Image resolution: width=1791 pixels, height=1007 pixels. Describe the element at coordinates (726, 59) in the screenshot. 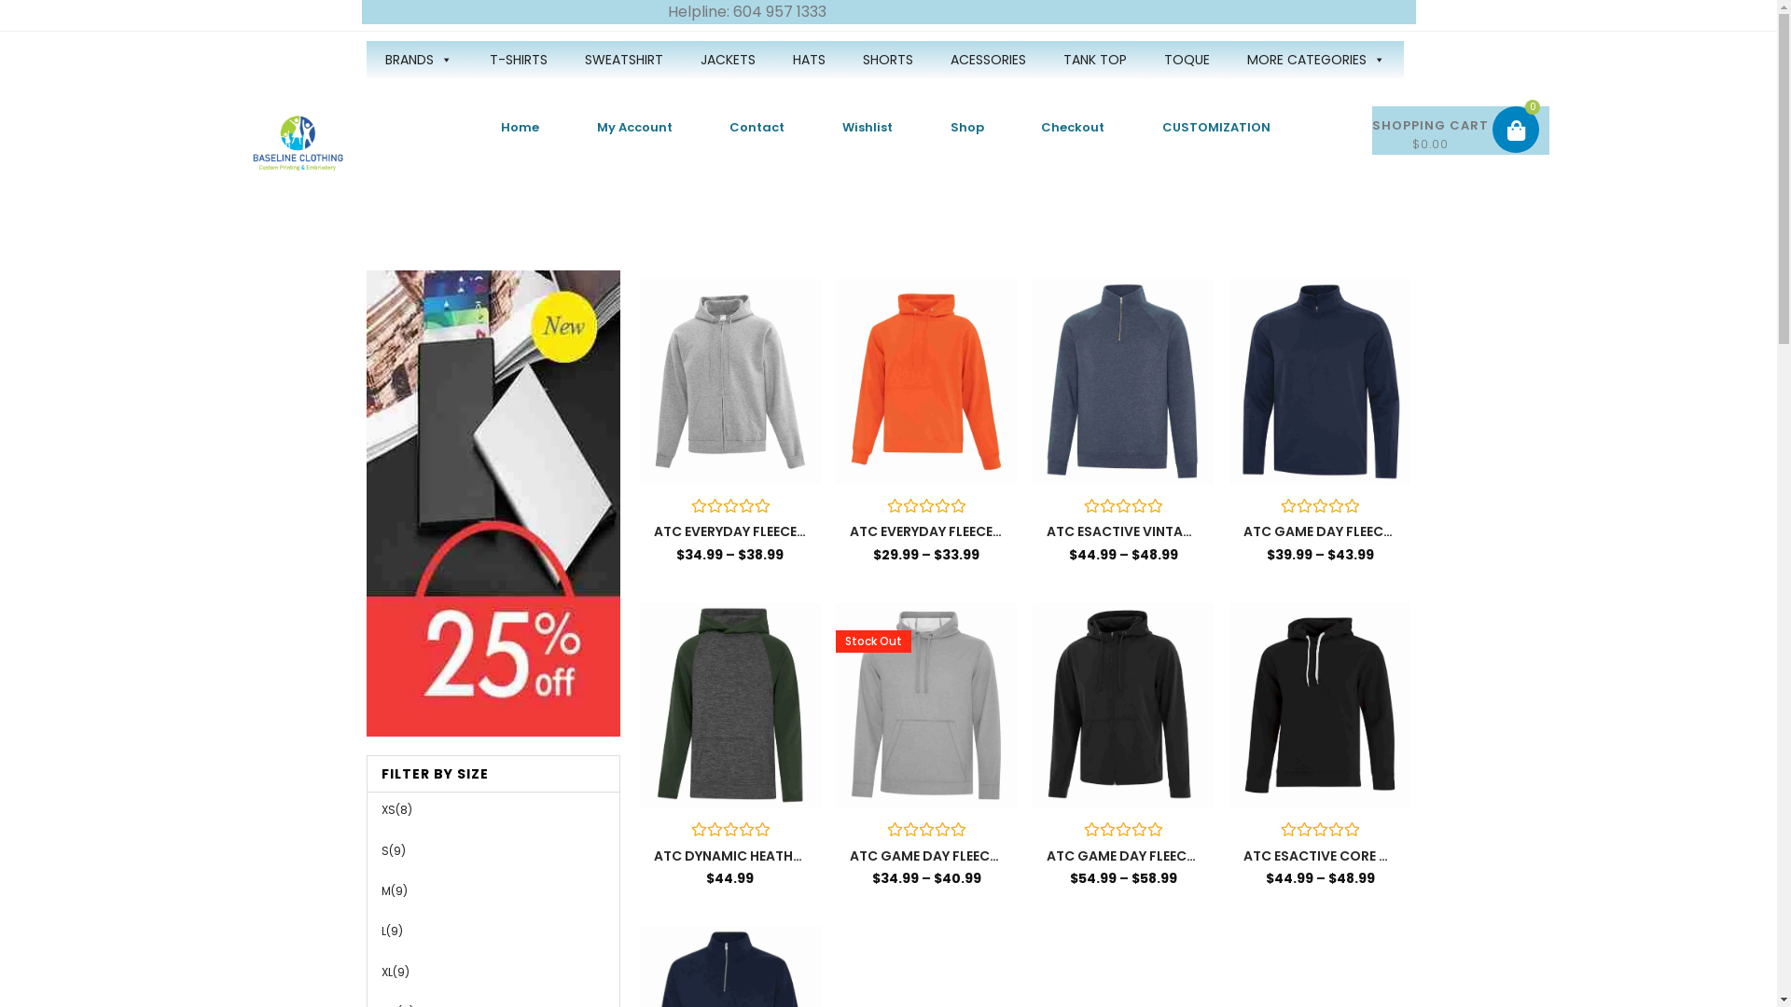

I see `'JACKETS'` at that location.